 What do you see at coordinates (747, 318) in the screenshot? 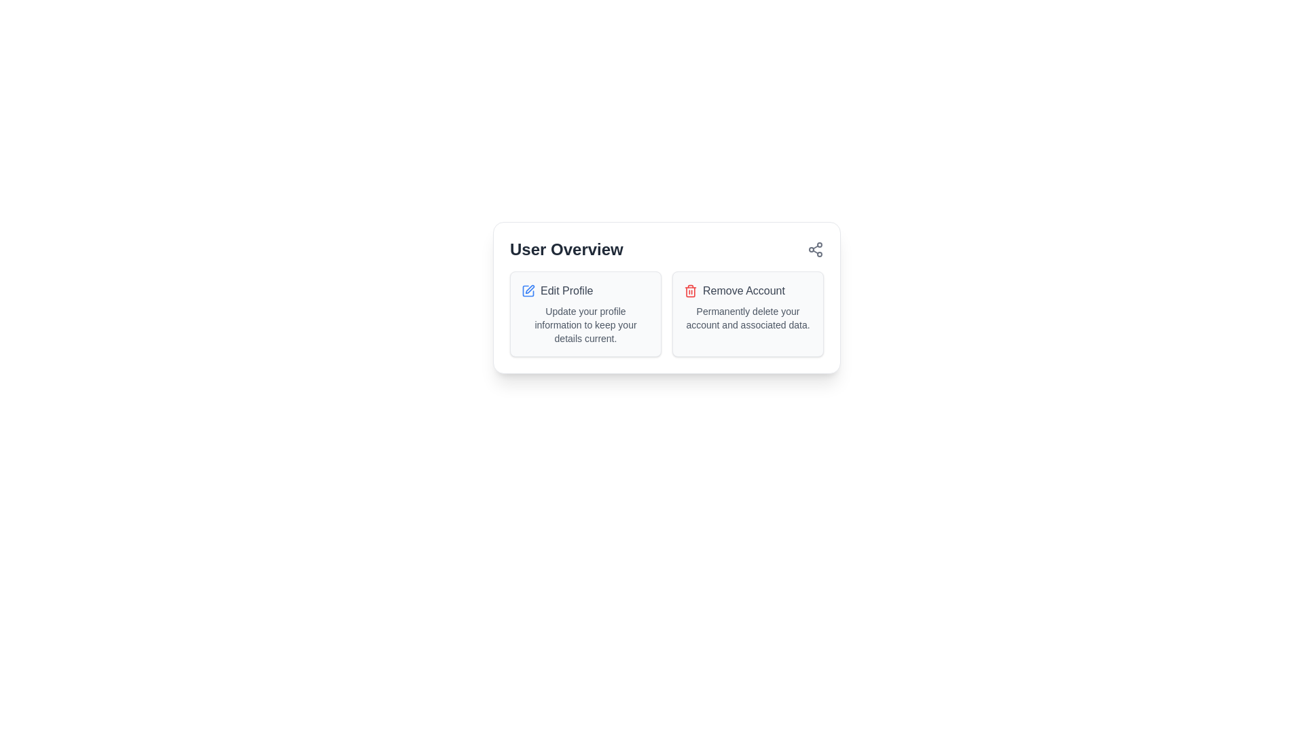
I see `the gray descriptive text that reads 'Permanently delete your account and associated data.' located within the 'Remove Account' card` at bounding box center [747, 318].